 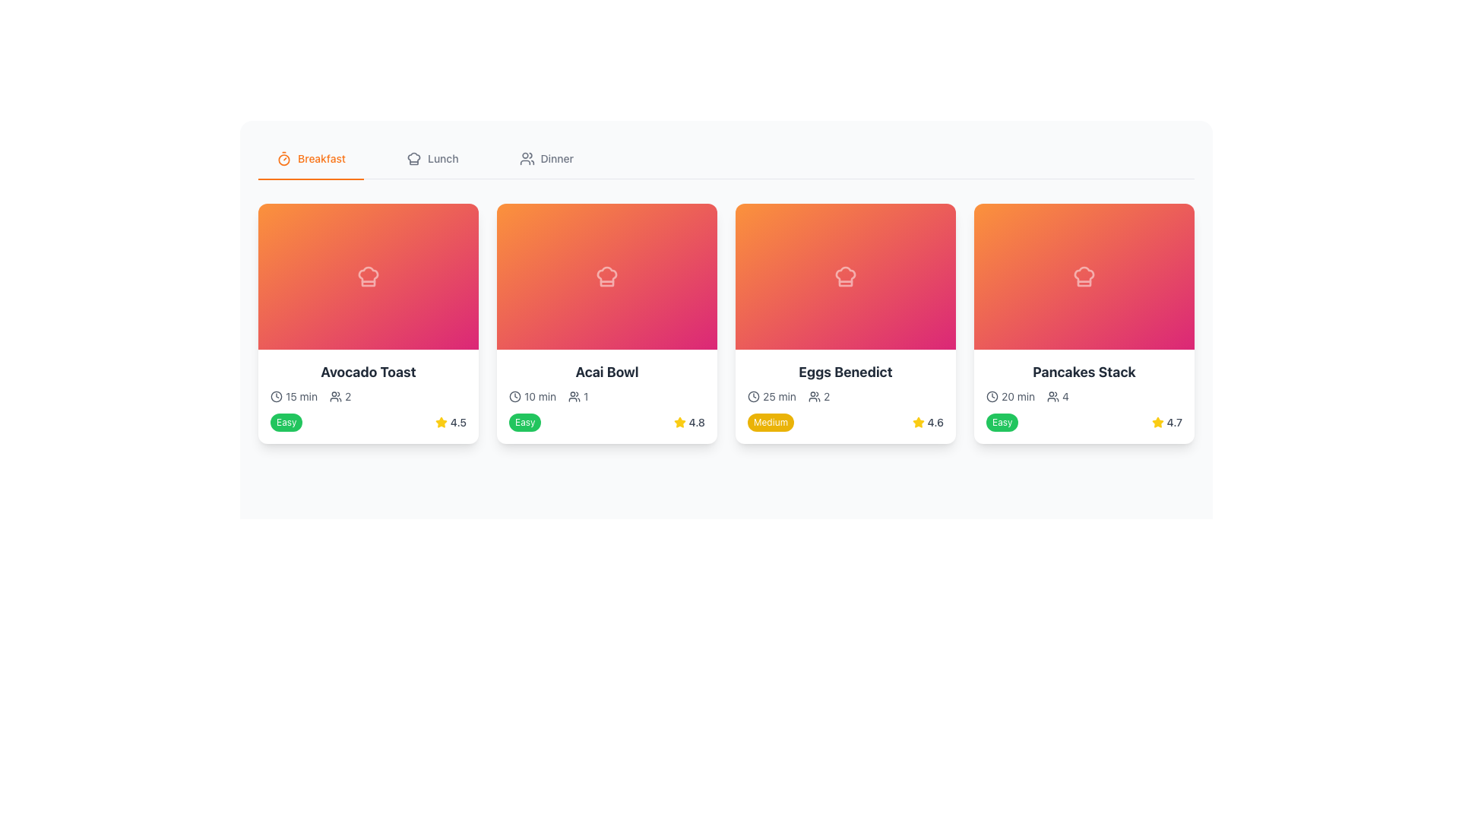 What do you see at coordinates (368, 322) in the screenshot?
I see `the recipe card located at the top left of the grid, which displays summarized information about the recipe, including title, preparation time, serving size, difficulty level, and rating` at bounding box center [368, 322].